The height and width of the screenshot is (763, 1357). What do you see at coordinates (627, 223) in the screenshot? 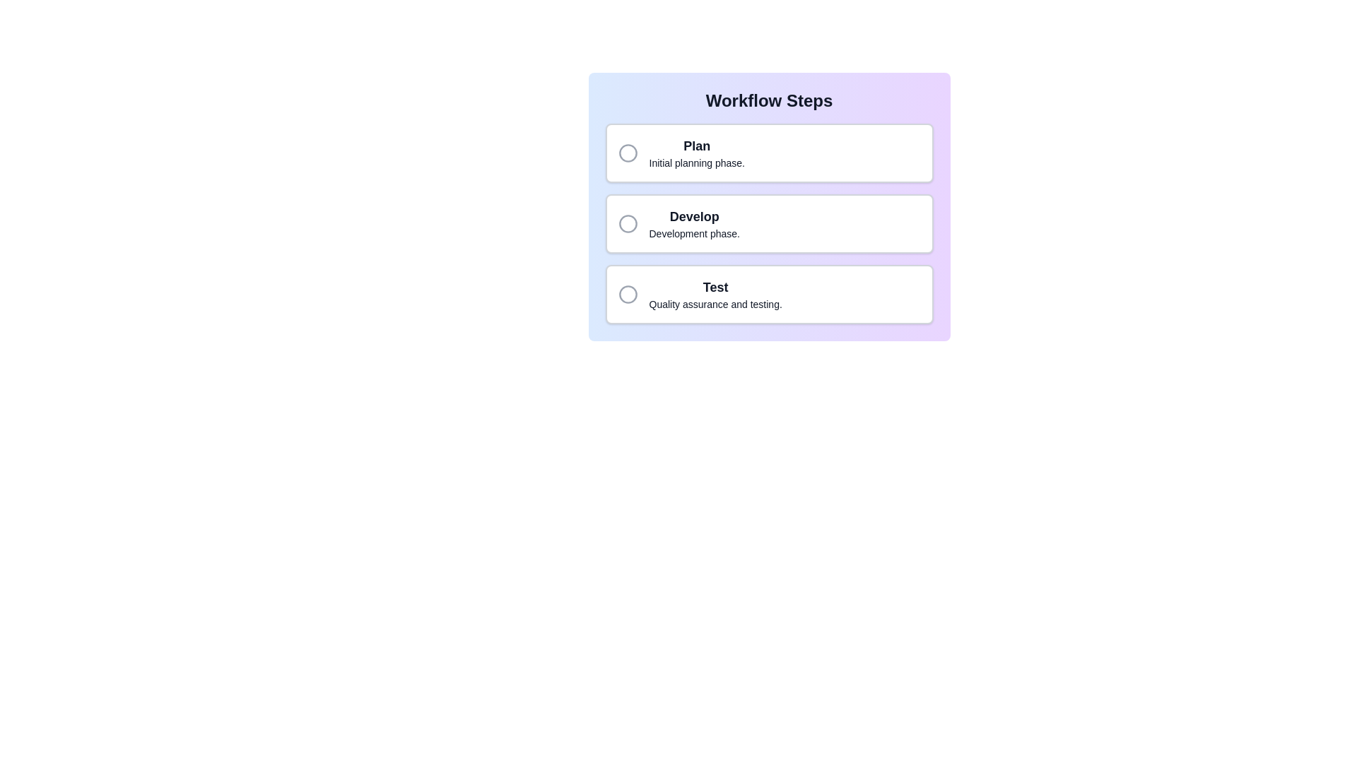
I see `the circle icon adjacent to the 'Develop' text in the 'Workflow Steps' list` at bounding box center [627, 223].